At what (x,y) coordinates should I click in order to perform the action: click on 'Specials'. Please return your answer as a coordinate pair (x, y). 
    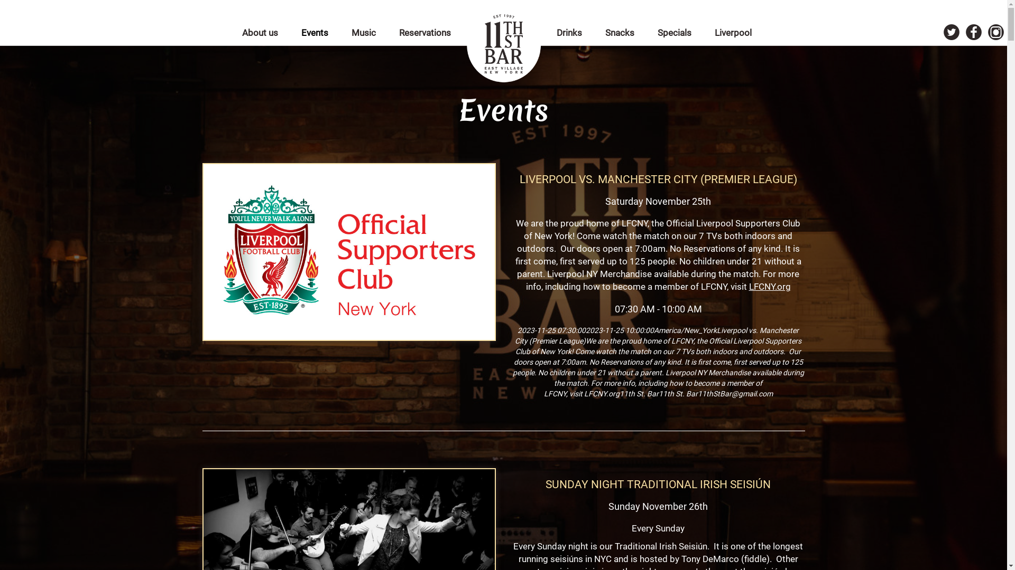
    Looking at the image, I should click on (675, 32).